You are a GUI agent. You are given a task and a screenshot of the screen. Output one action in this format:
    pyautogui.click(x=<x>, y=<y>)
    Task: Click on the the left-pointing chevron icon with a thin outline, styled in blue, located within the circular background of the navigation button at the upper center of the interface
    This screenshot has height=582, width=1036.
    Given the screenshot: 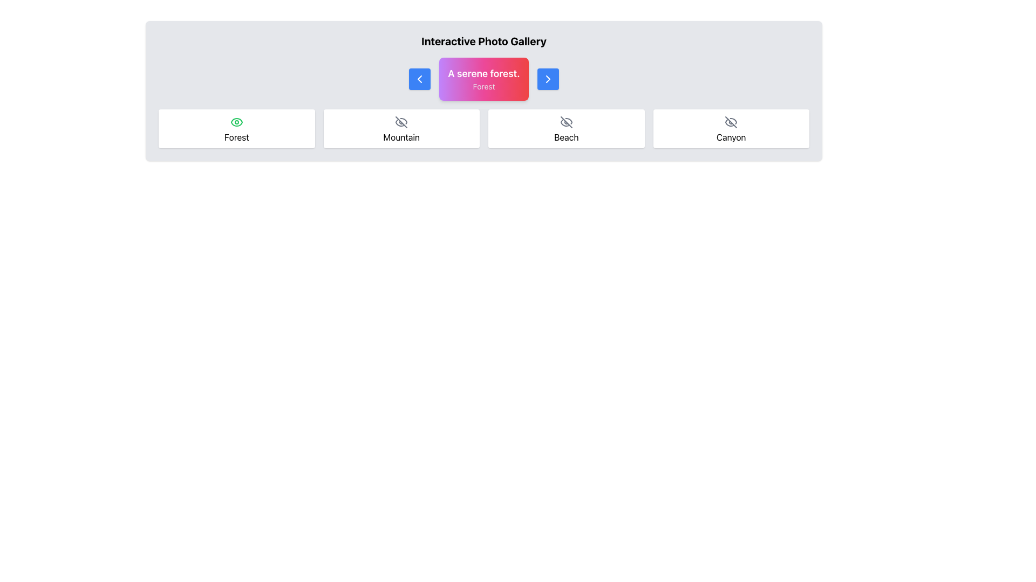 What is the action you would take?
    pyautogui.click(x=419, y=78)
    